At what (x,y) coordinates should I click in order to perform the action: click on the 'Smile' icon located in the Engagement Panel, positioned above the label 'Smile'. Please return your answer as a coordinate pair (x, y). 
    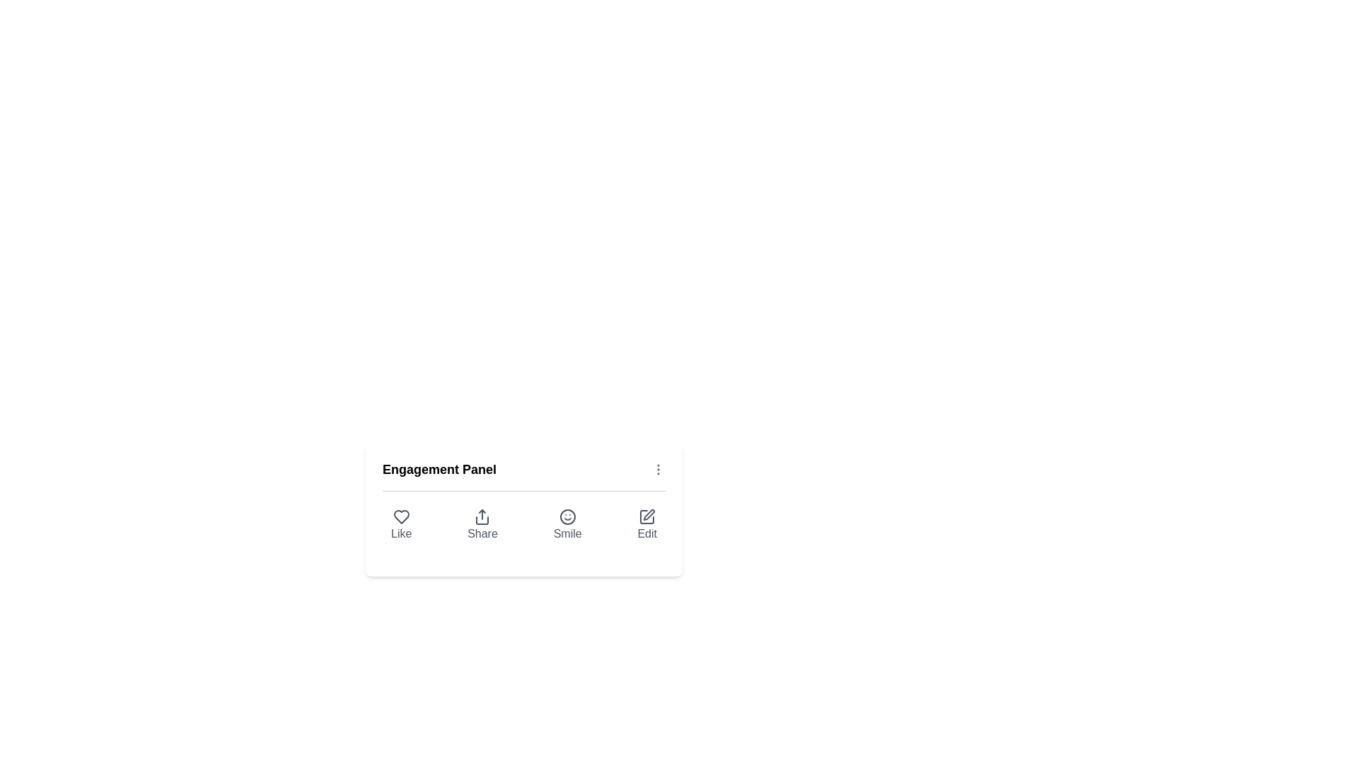
    Looking at the image, I should click on (567, 517).